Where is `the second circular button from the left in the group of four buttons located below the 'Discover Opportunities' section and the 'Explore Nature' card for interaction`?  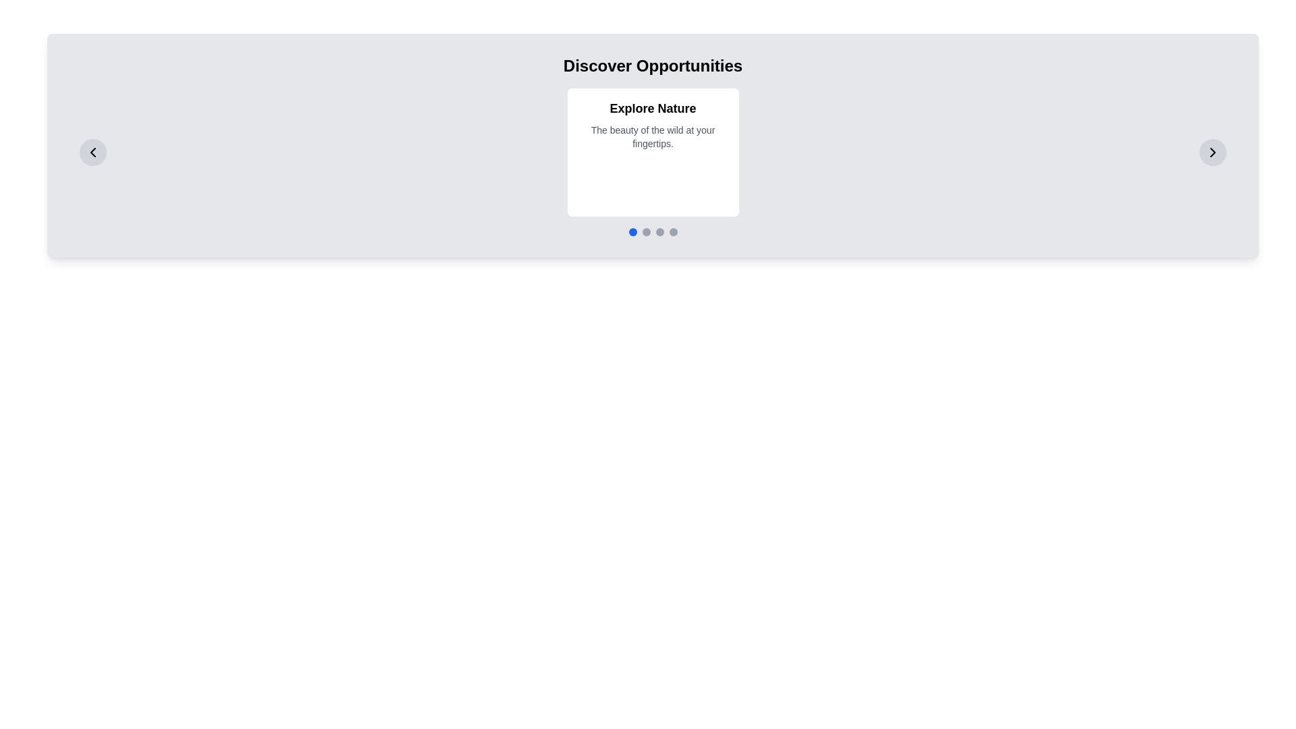
the second circular button from the left in the group of four buttons located below the 'Discover Opportunities' section and the 'Explore Nature' card for interaction is located at coordinates (645, 231).